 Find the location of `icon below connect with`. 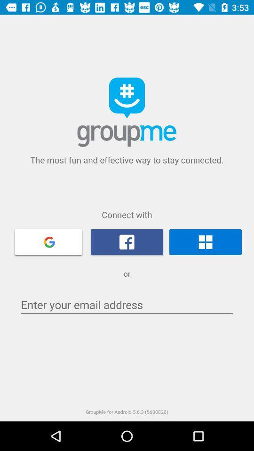

icon below connect with is located at coordinates (127, 241).